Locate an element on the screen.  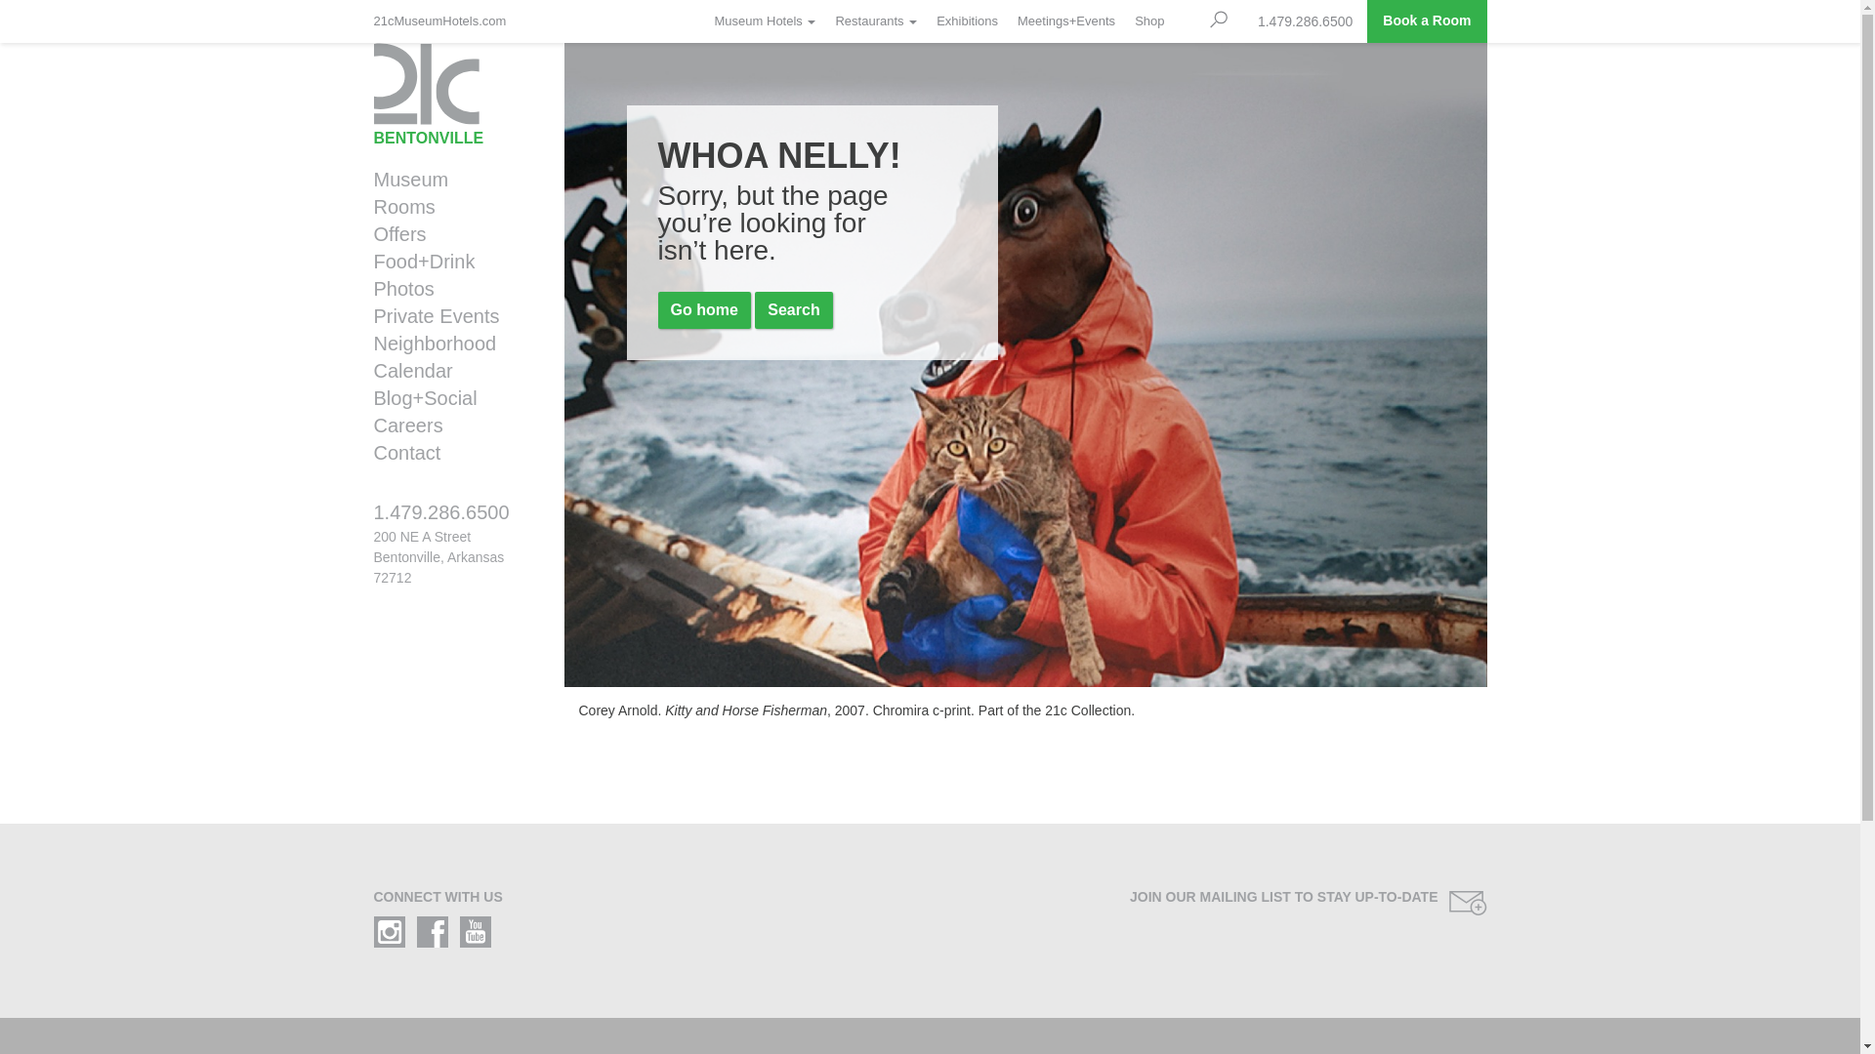
'Food+Drink' is located at coordinates (360, 260).